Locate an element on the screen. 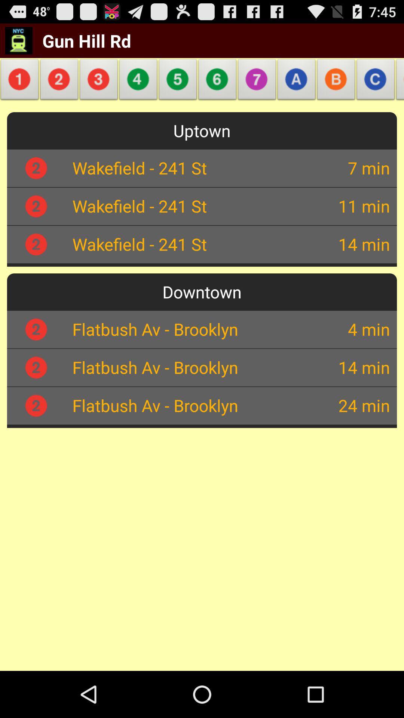 This screenshot has width=404, height=718. app above uptown item is located at coordinates (178, 82).